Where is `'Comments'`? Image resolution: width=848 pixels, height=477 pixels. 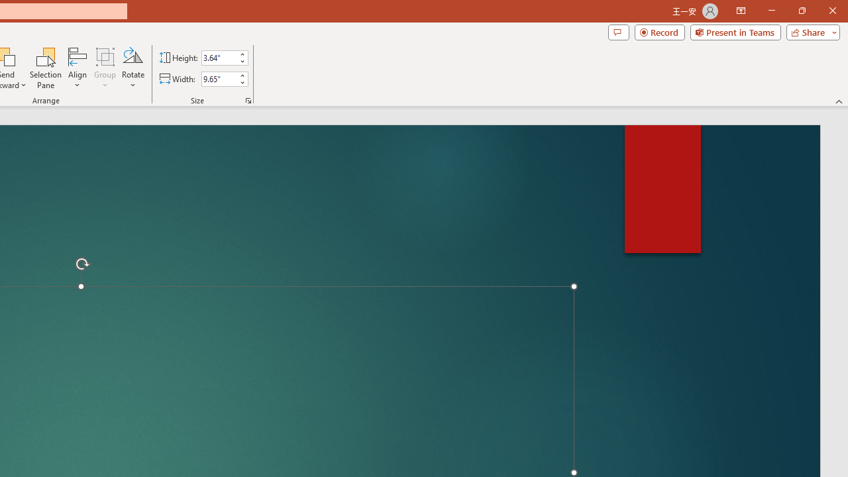
'Comments' is located at coordinates (617, 31).